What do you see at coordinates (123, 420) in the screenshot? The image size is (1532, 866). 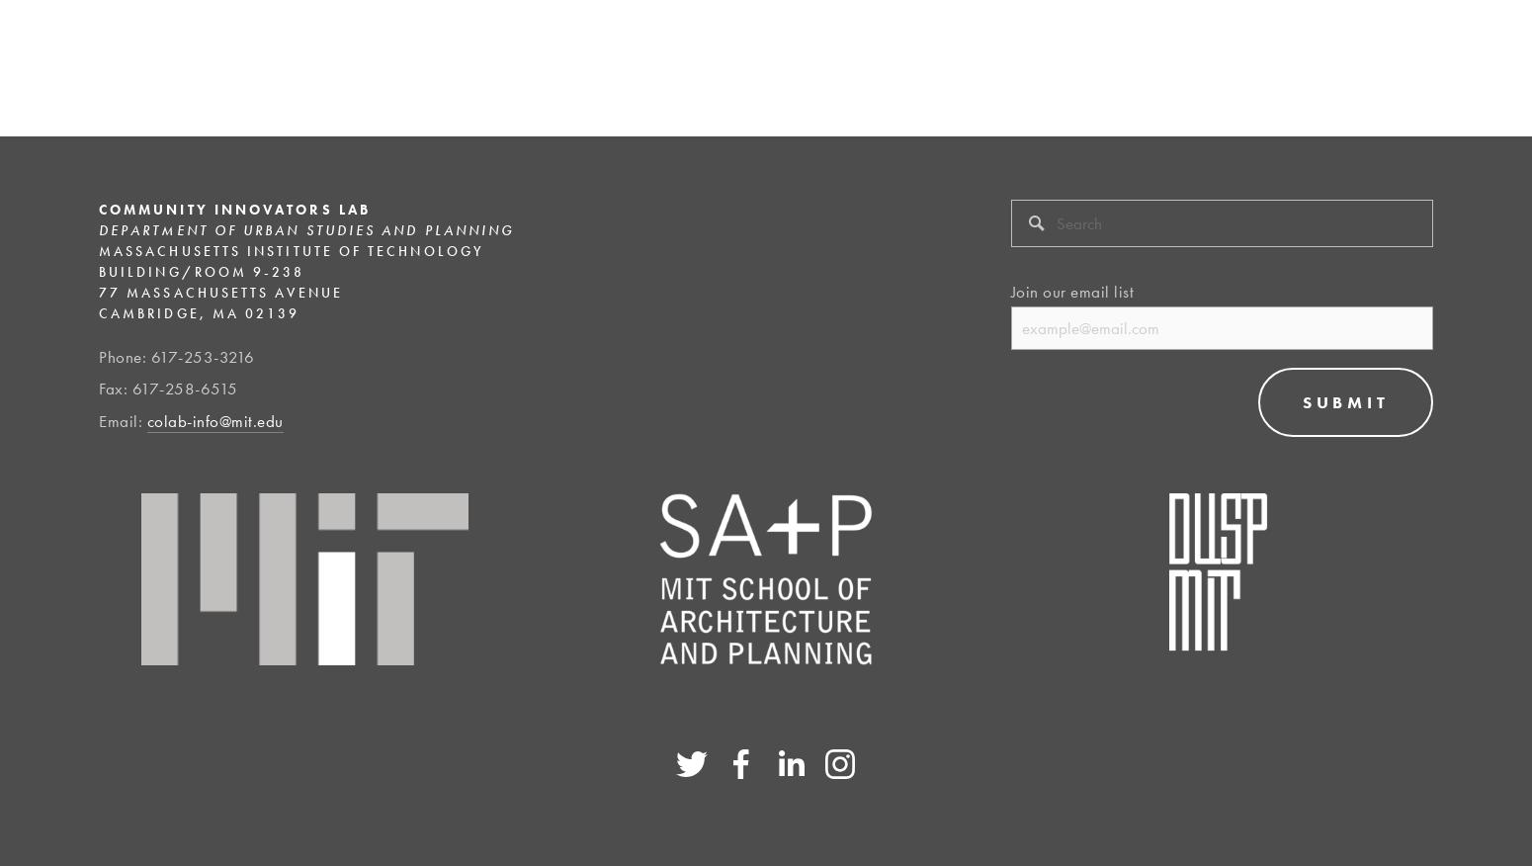 I see `'Email:'` at bounding box center [123, 420].